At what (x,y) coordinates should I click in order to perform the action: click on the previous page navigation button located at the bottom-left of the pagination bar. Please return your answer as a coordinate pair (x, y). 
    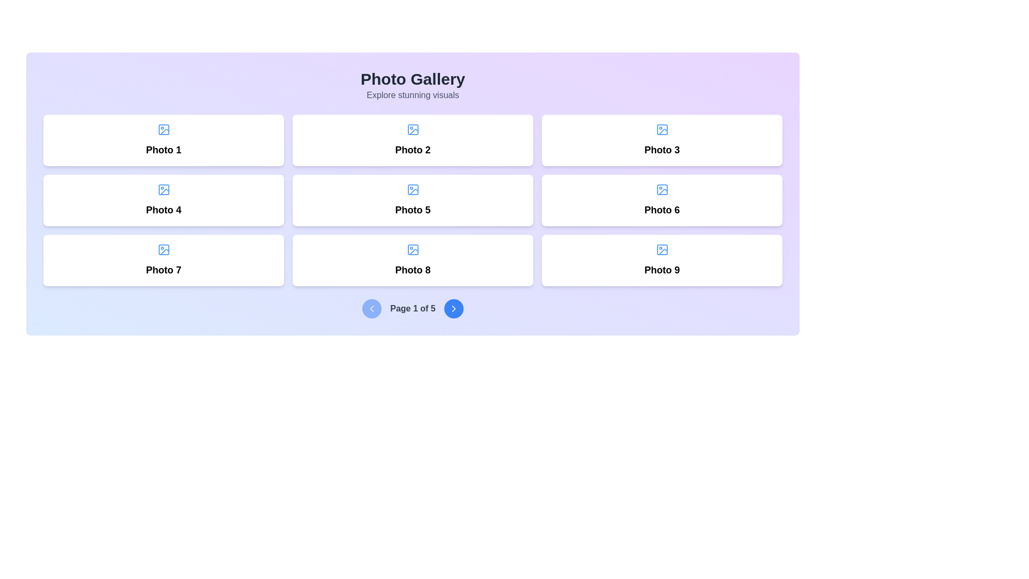
    Looking at the image, I should click on (372, 308).